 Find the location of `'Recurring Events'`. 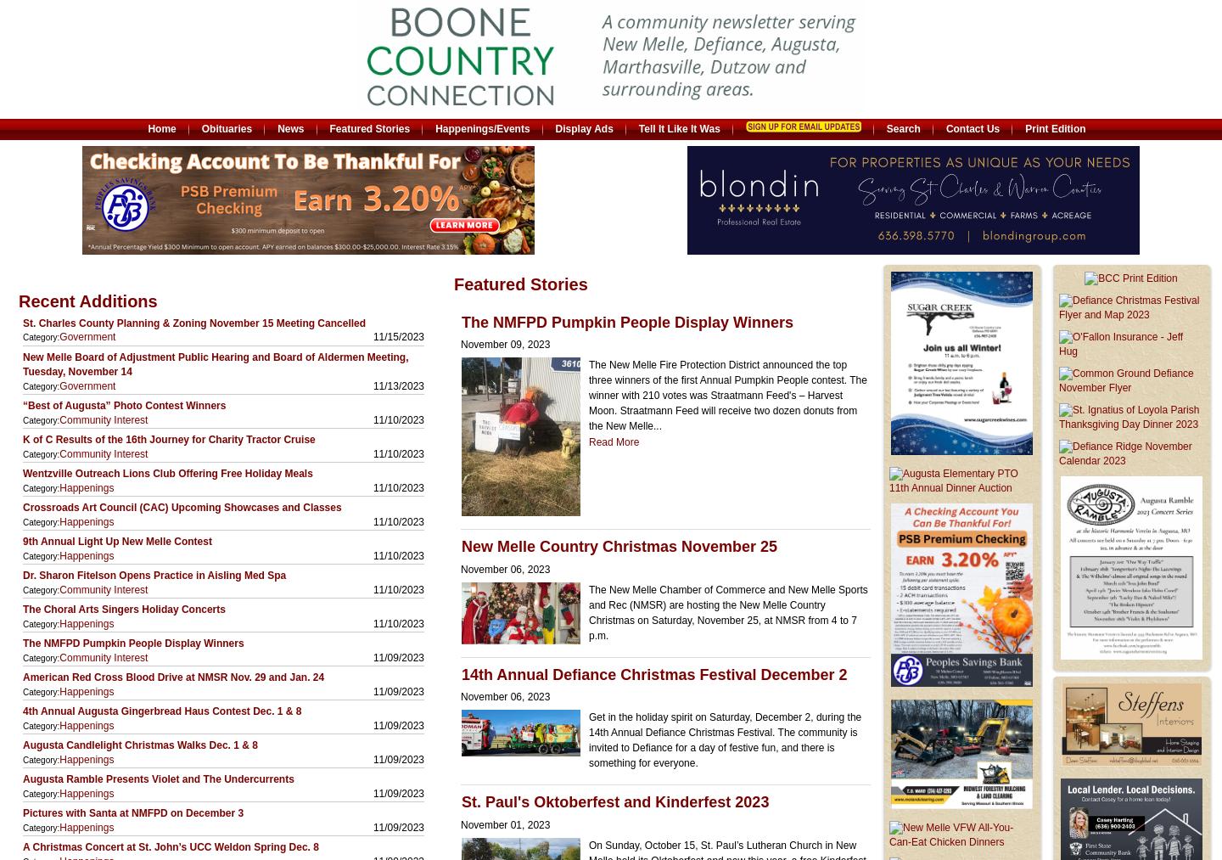

'Recurring Events' is located at coordinates (469, 168).